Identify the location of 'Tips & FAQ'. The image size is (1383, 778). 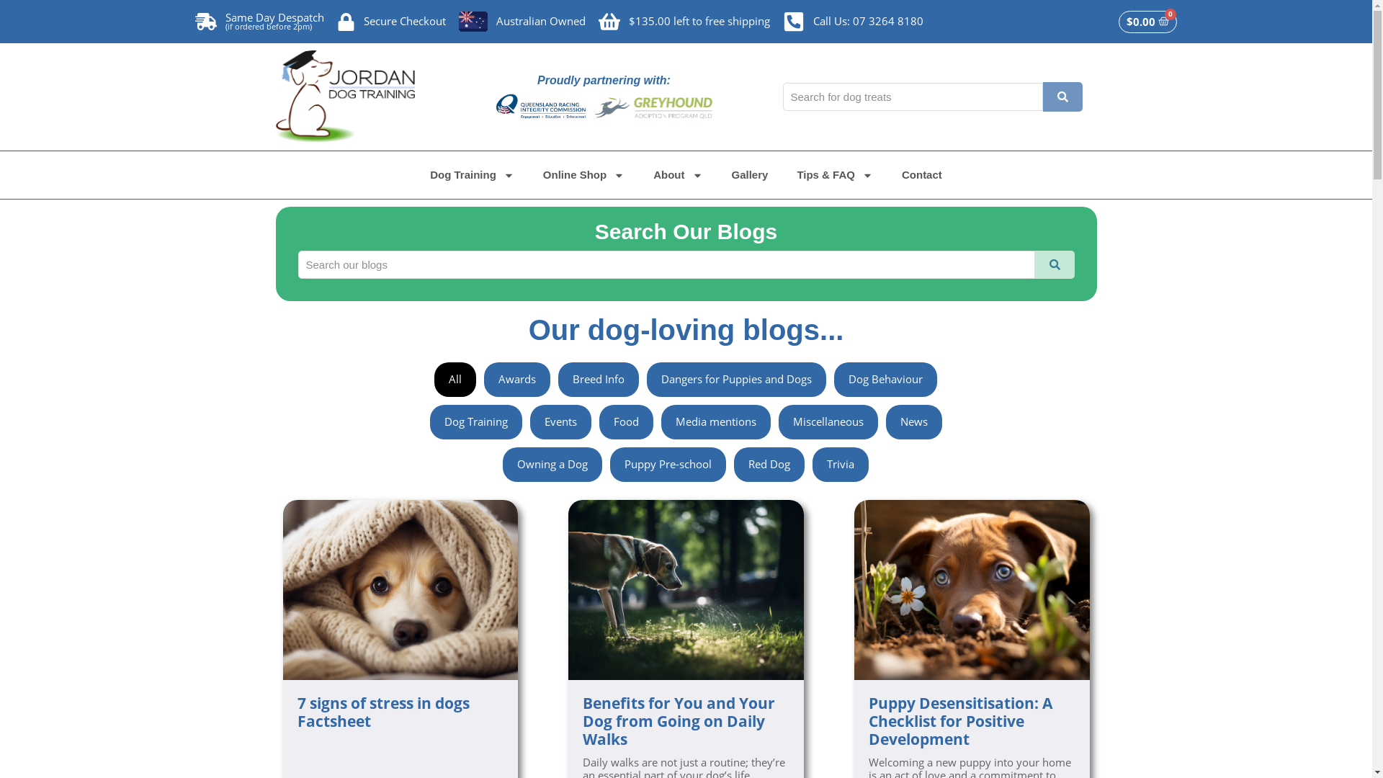
(834, 174).